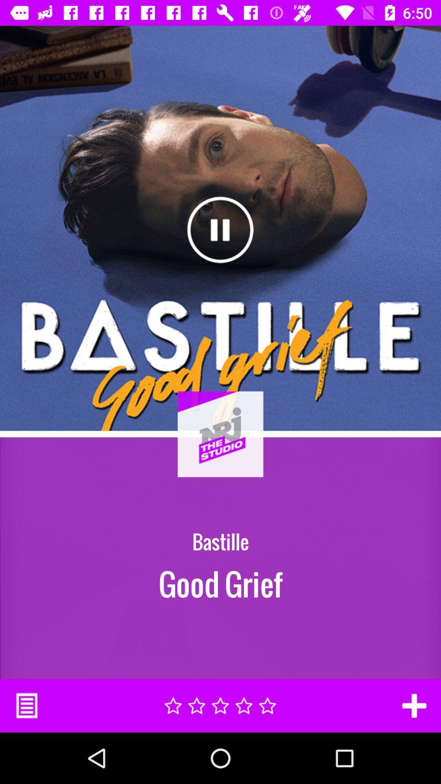  I want to click on the build icon, so click(220, 455).